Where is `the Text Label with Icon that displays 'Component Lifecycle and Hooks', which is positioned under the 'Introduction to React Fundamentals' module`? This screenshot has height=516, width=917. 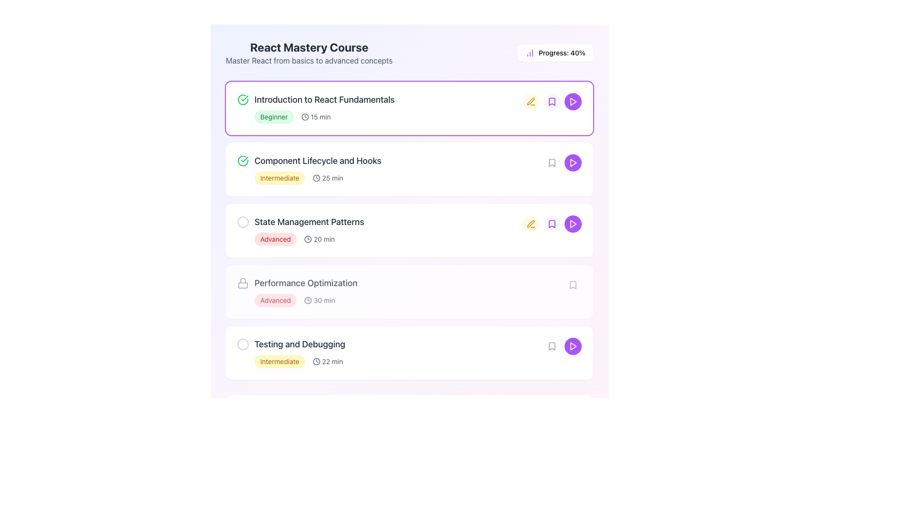 the Text Label with Icon that displays 'Component Lifecycle and Hooks', which is positioned under the 'Introduction to React Fundamentals' module is located at coordinates (390, 160).